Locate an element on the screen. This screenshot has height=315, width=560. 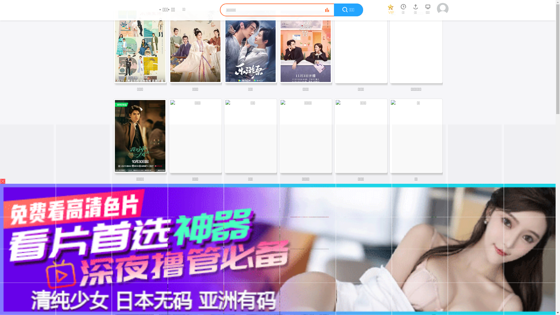
'VIP' is located at coordinates (391, 10).